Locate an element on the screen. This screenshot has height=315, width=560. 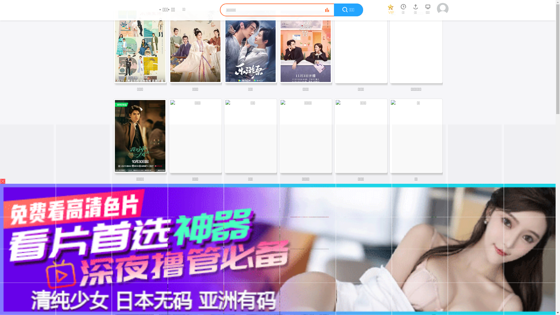
'VIP' is located at coordinates (391, 10).